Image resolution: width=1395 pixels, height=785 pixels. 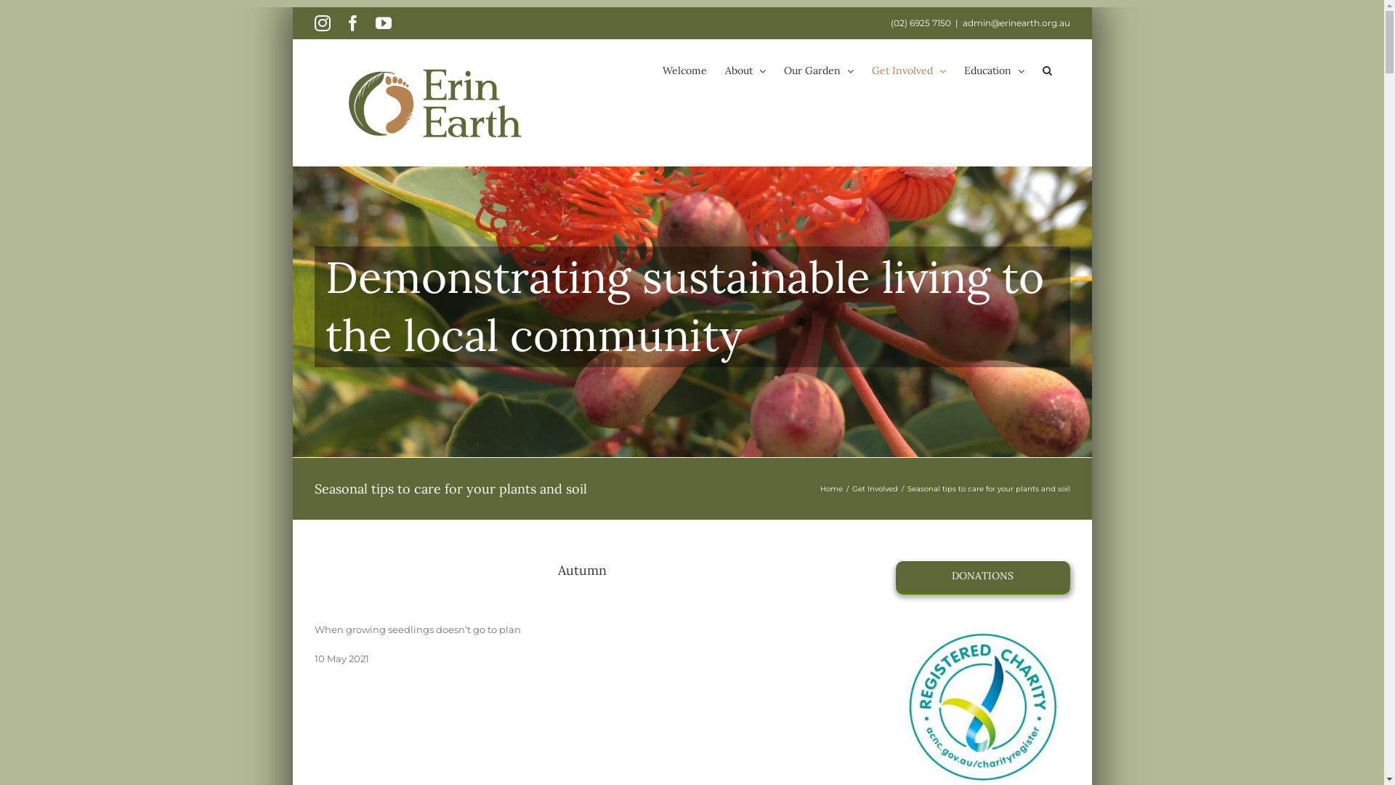 What do you see at coordinates (352, 23) in the screenshot?
I see `'Facebook'` at bounding box center [352, 23].